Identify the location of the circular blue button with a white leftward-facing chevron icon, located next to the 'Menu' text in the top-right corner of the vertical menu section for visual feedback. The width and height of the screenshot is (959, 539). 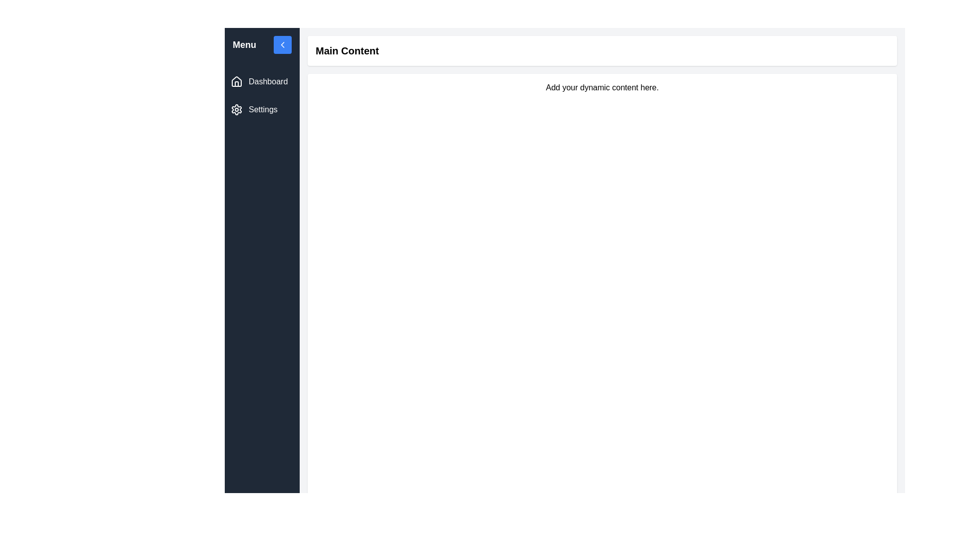
(282, 44).